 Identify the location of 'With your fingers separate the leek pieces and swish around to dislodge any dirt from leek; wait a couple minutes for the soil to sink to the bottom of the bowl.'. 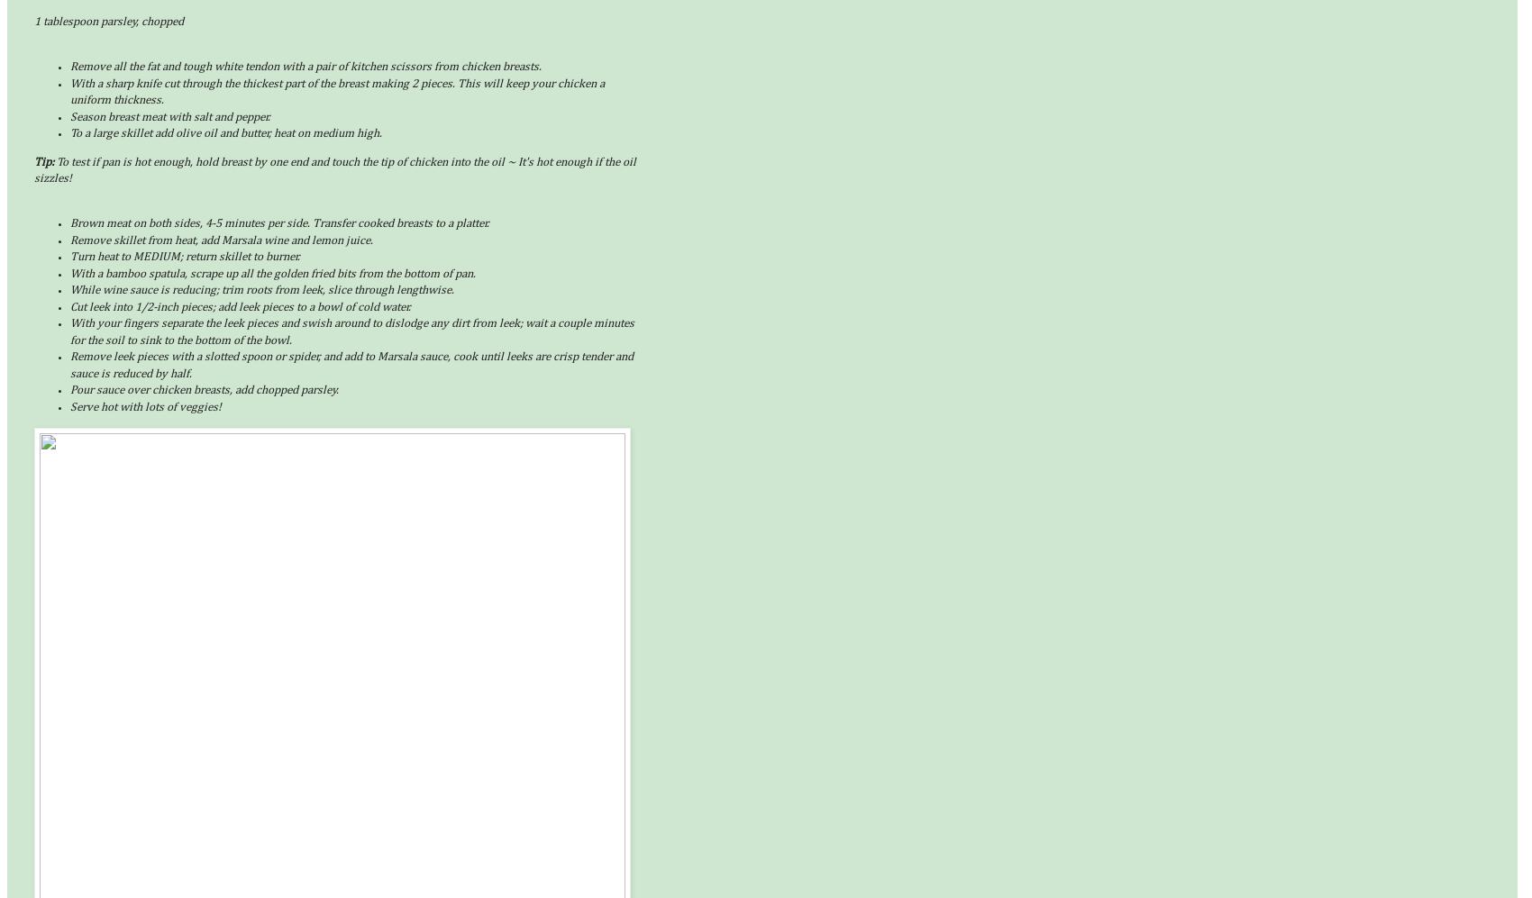
(70, 331).